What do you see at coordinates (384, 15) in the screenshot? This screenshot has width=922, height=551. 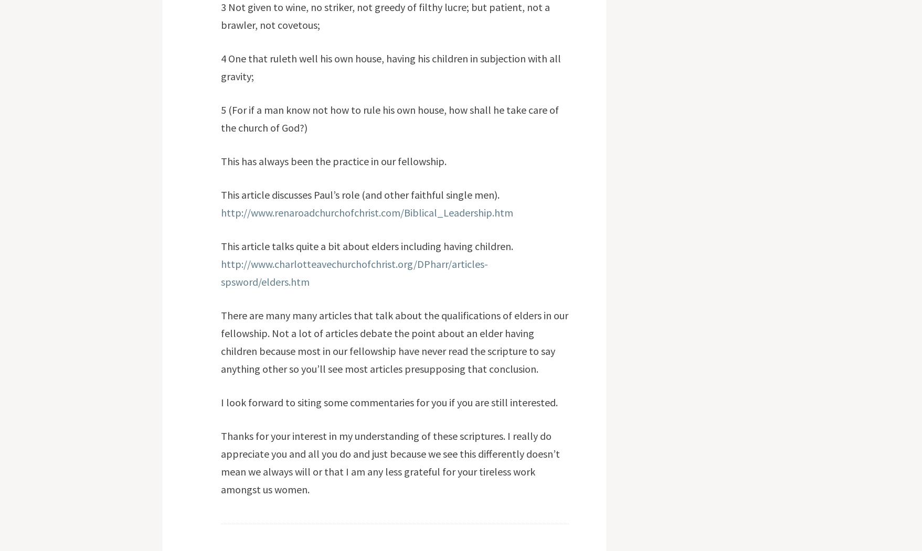 I see `'3 Not given to wine, no striker, not greedy of filthy lucre; but patient, not a brawler, not covetous;'` at bounding box center [384, 15].